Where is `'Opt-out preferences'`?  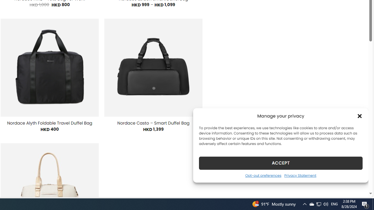
'Opt-out preferences' is located at coordinates (263, 175).